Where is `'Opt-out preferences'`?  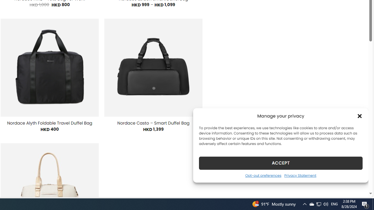
'Opt-out preferences' is located at coordinates (263, 175).